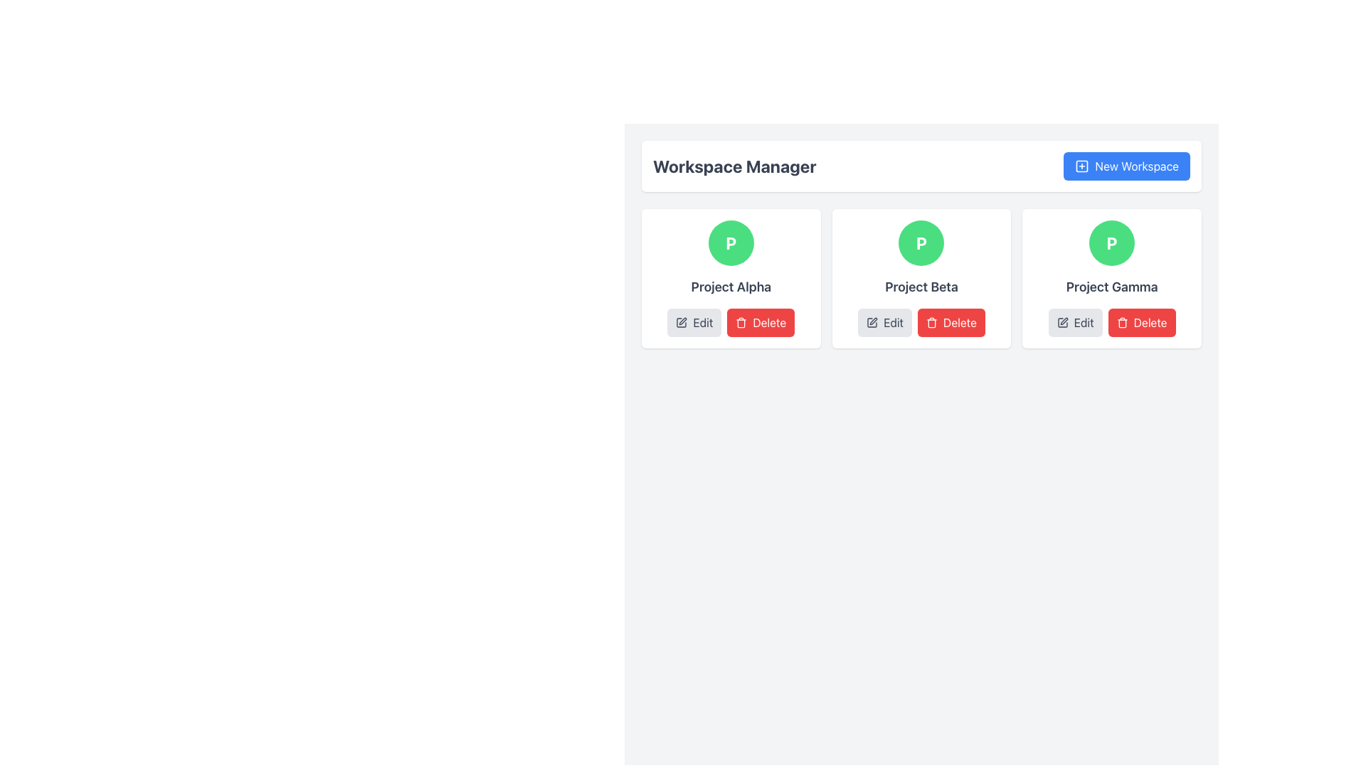  I want to click on the middle part of the trash icon, which serves as a delete button for the associated project entry, so click(932, 324).